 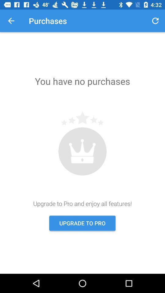 What do you see at coordinates (11, 21) in the screenshot?
I see `icon above the you have no item` at bounding box center [11, 21].